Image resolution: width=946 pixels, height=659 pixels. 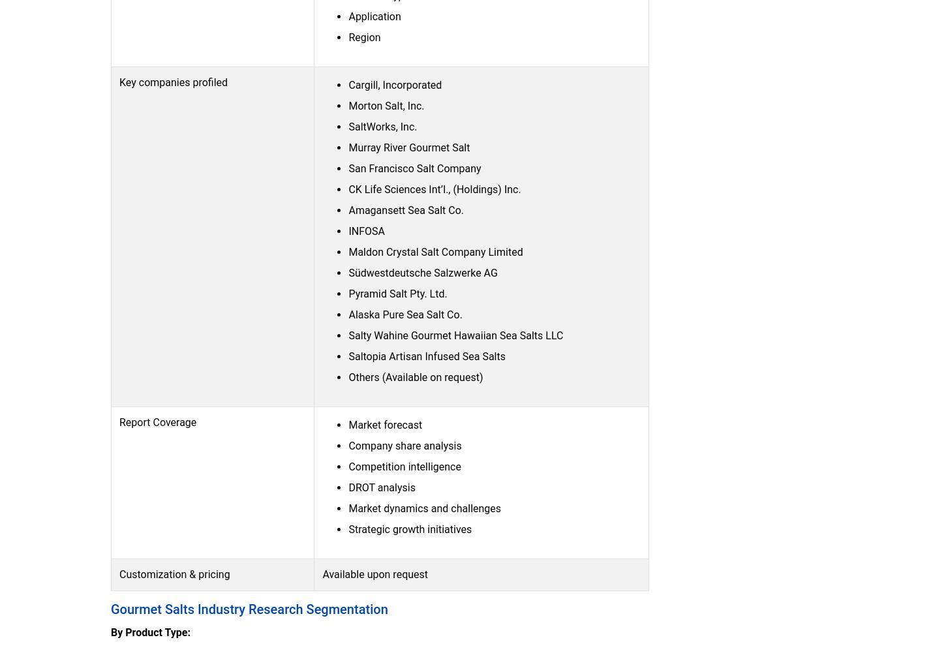 I want to click on 'Maldon Crystal Salt Company Limited', so click(x=435, y=251).